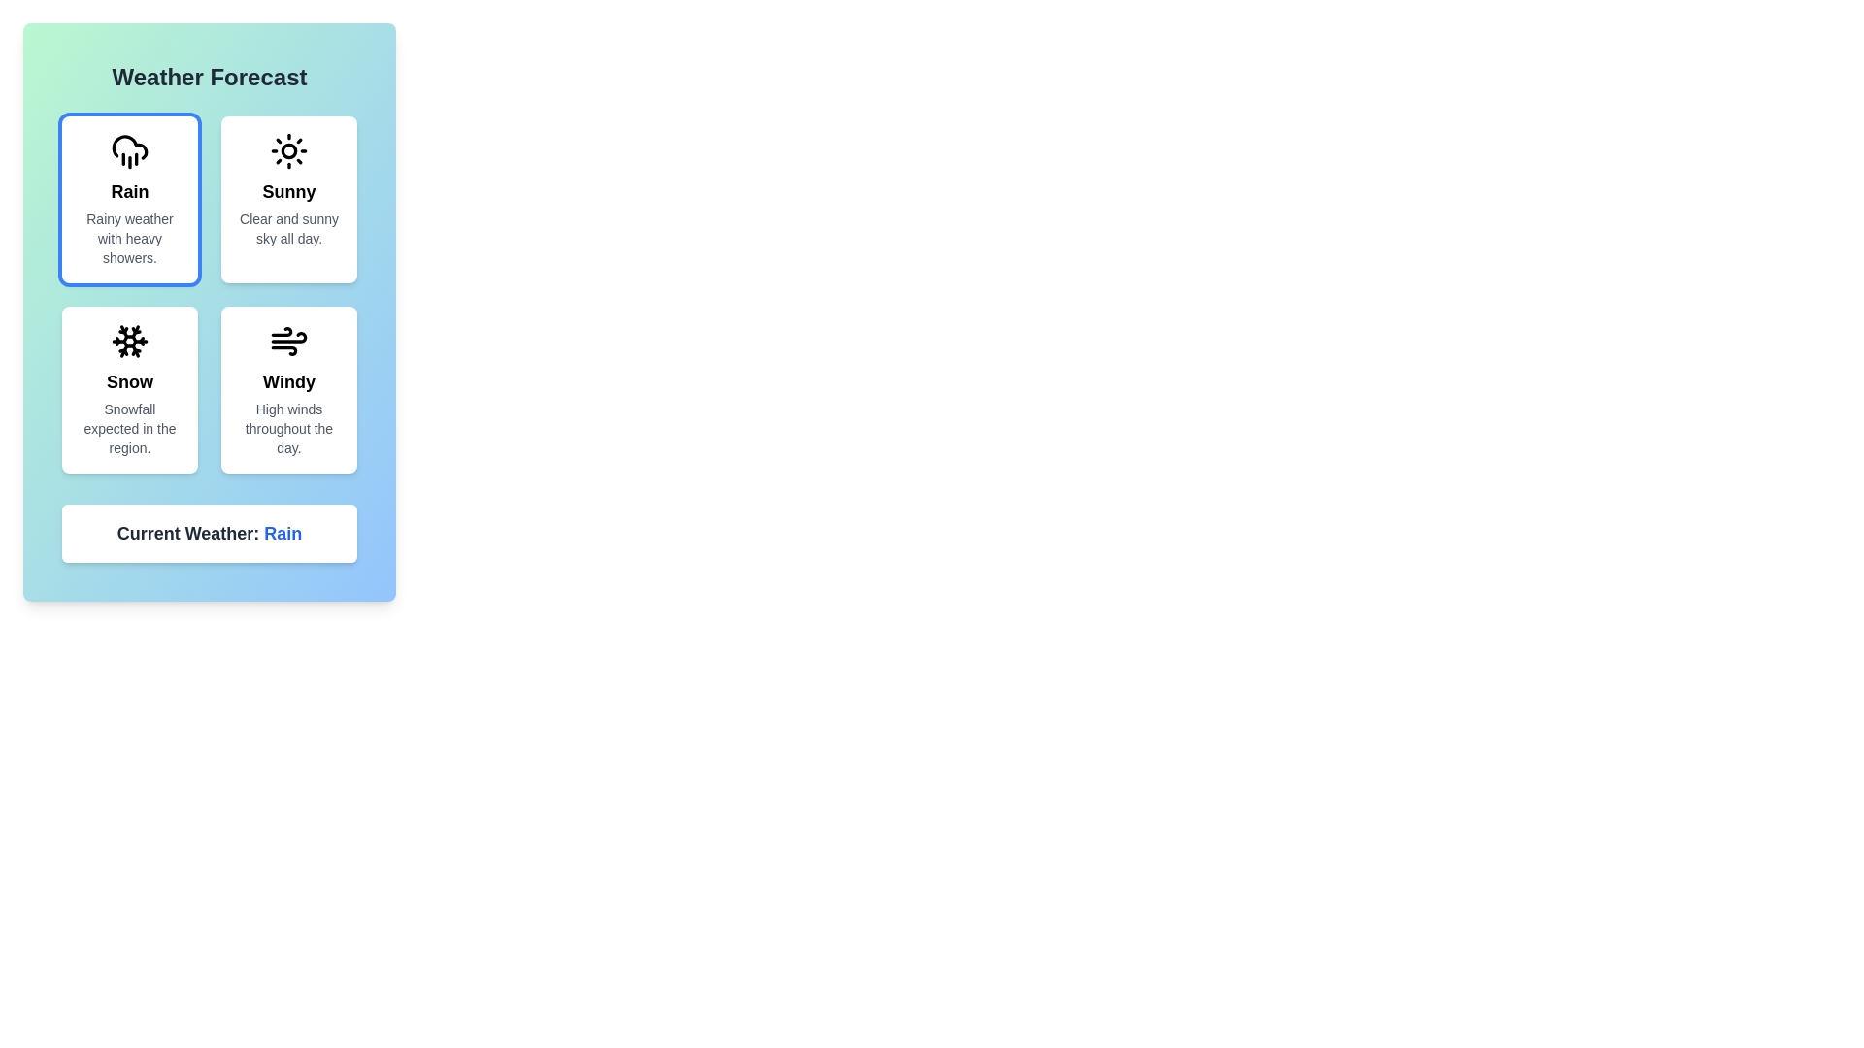 The width and height of the screenshot is (1864, 1048). Describe the element at coordinates (210, 534) in the screenshot. I see `the text label that displays the current weather condition, which is located at the bottom of a rounded, shadowed, white card, centered horizontally within the card` at that location.